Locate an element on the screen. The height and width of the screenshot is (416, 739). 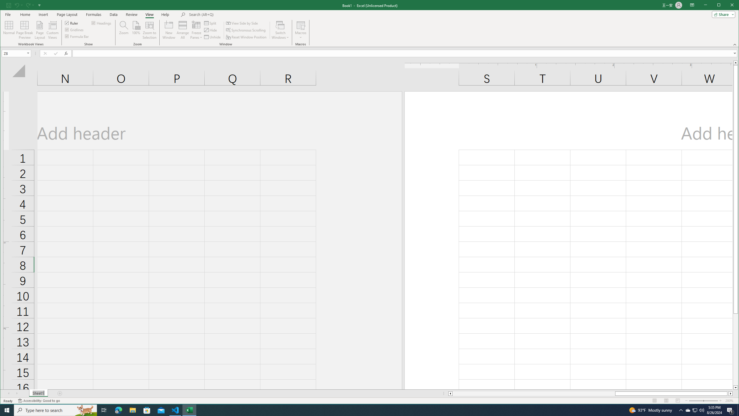
'Show desktop' is located at coordinates (738, 410).